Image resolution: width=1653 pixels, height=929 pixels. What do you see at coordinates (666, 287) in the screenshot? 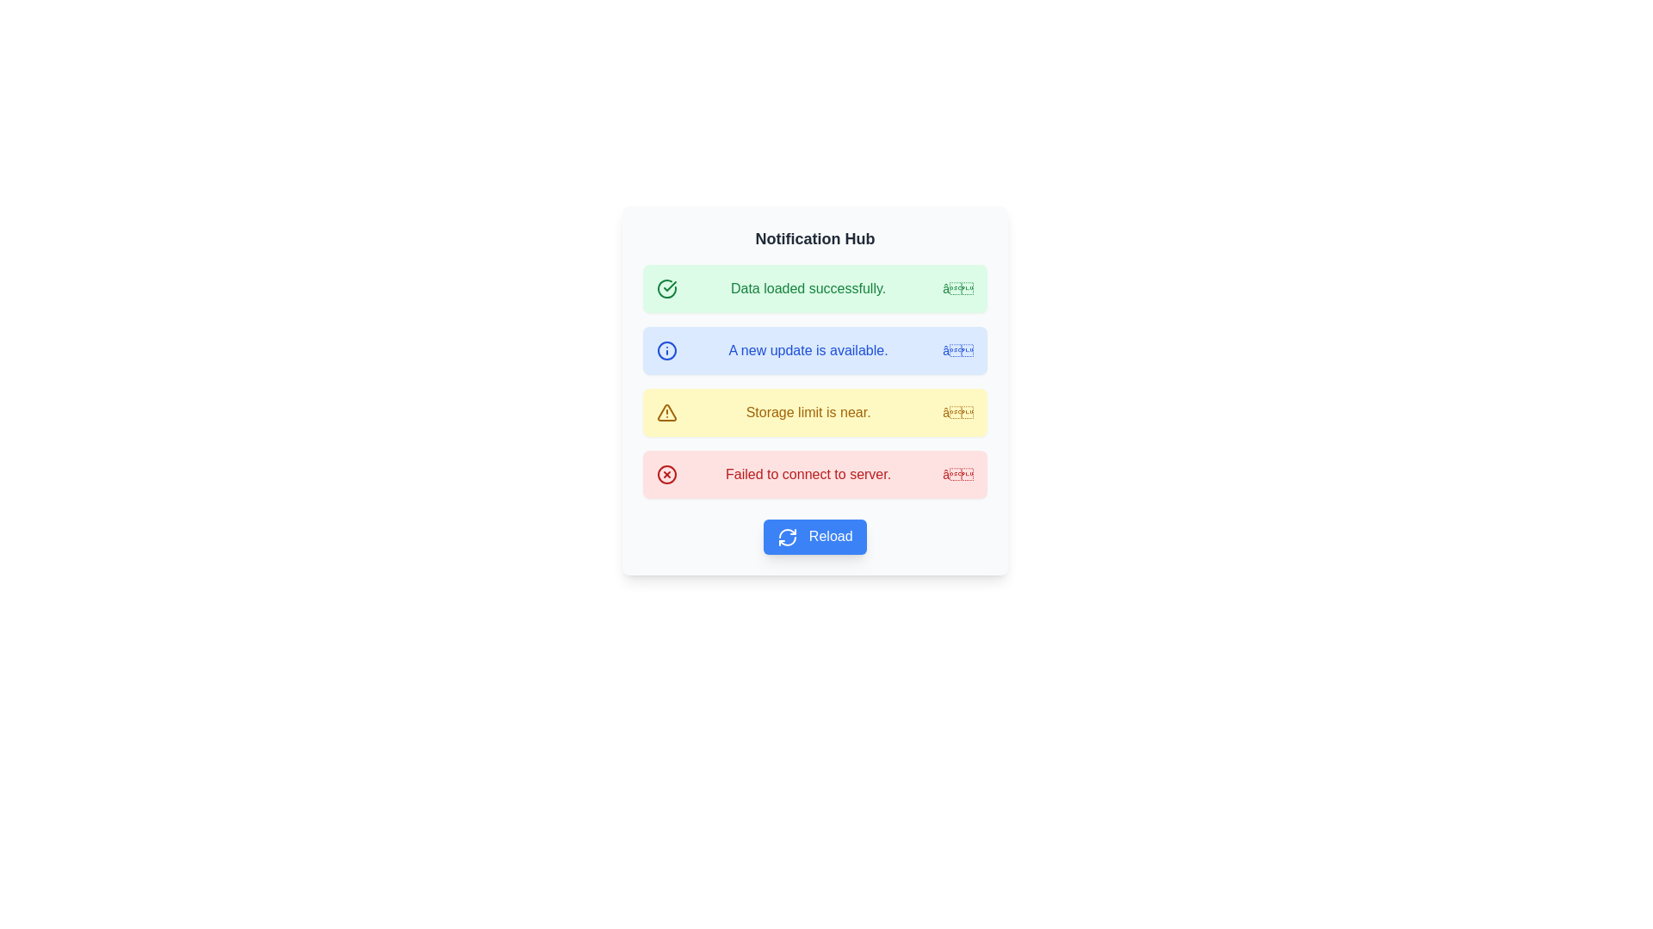
I see `the green circular checkmark icon indicating 'Data loaded successfully' within the Notification Hub` at bounding box center [666, 287].